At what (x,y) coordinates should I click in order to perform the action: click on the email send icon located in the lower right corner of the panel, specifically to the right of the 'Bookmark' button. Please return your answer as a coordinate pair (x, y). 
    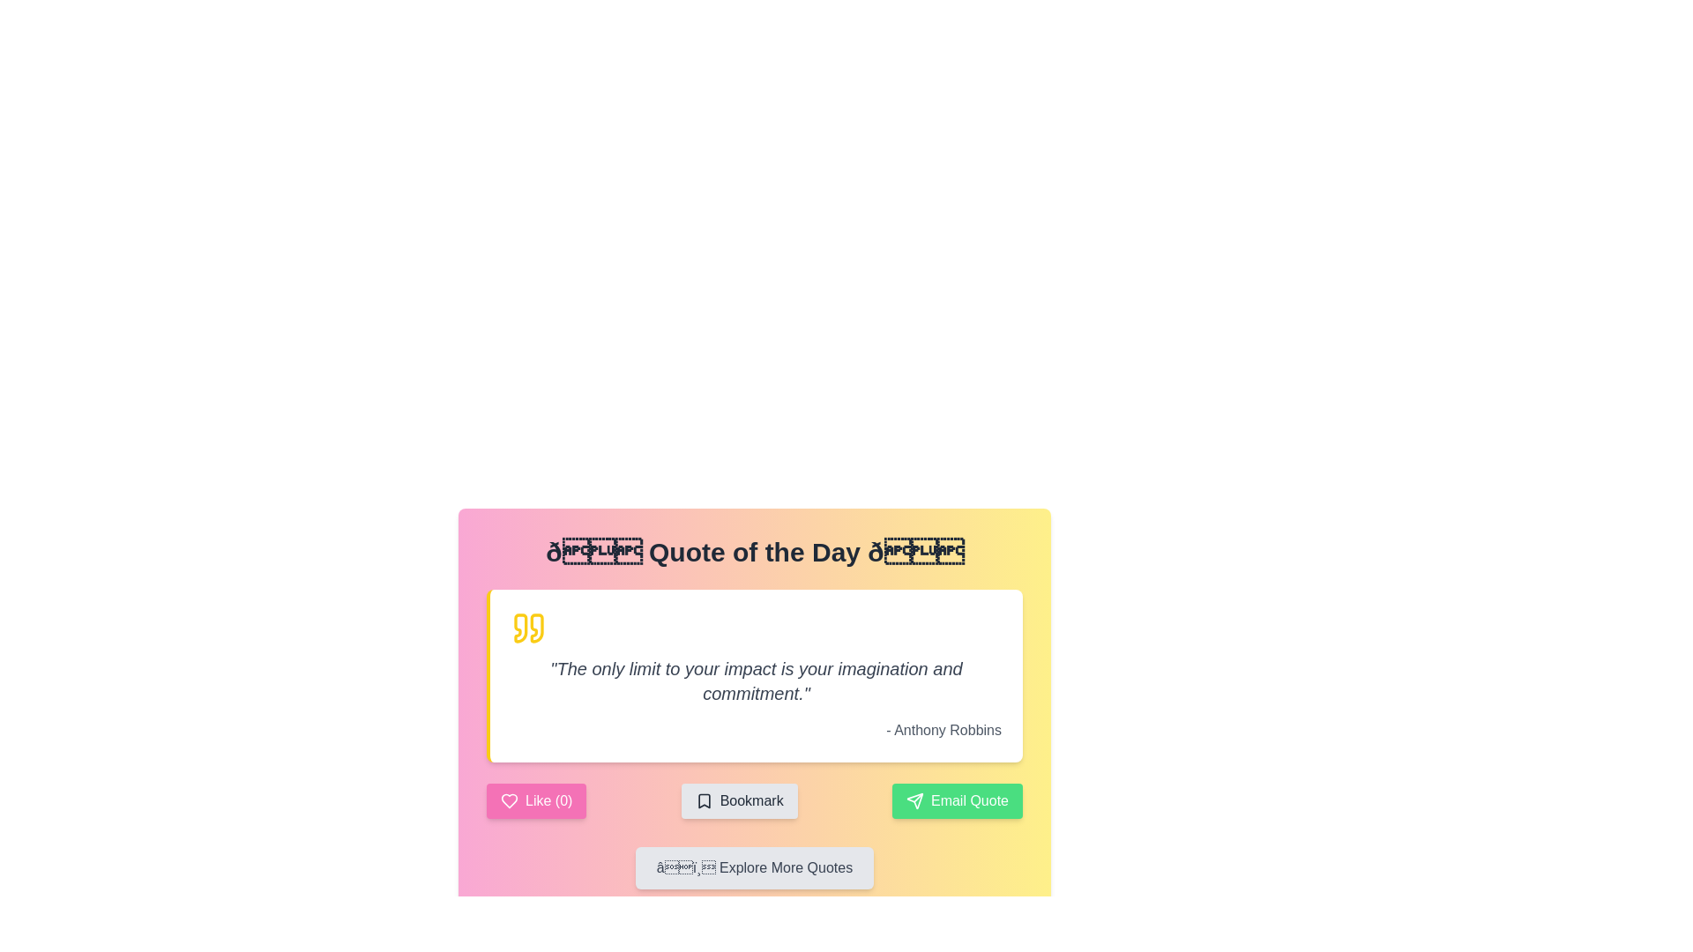
    Looking at the image, I should click on (914, 801).